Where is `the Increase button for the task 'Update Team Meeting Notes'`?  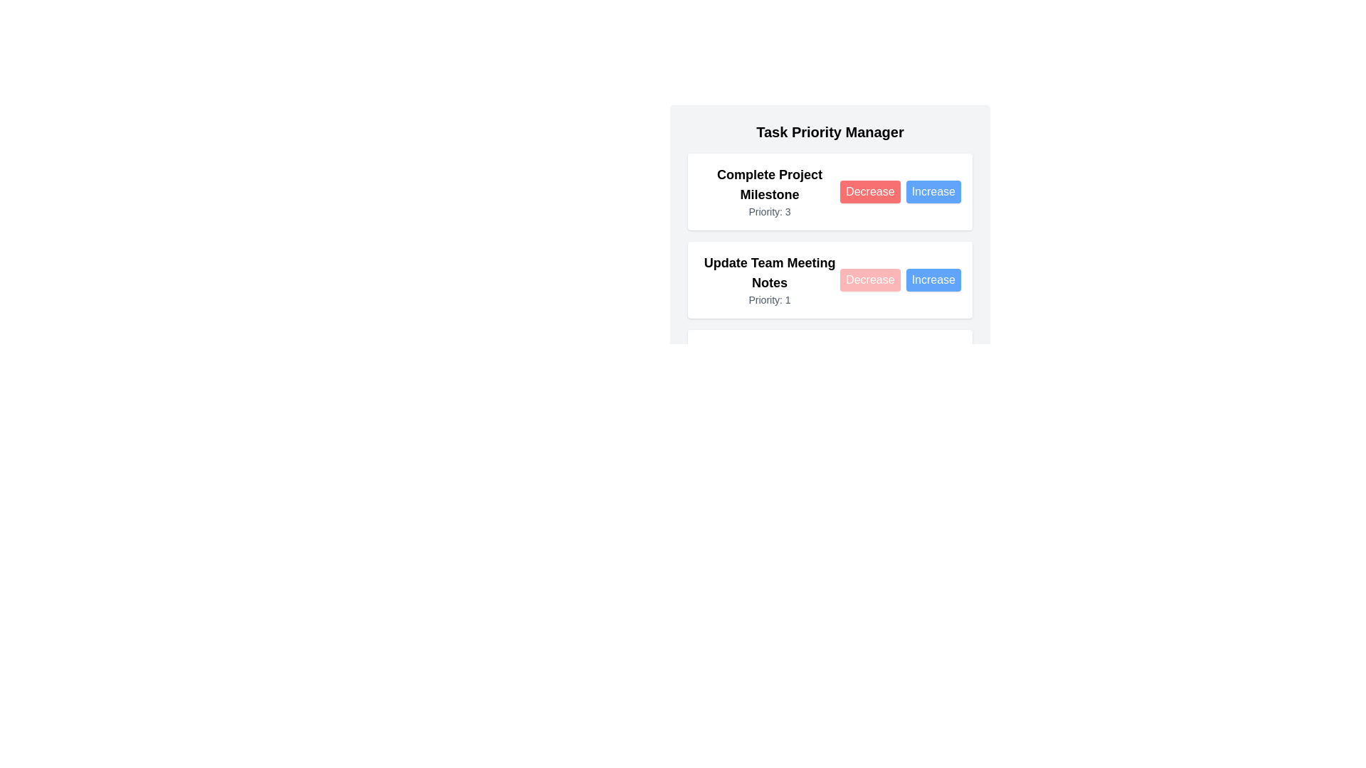 the Increase button for the task 'Update Team Meeting Notes' is located at coordinates (933, 279).